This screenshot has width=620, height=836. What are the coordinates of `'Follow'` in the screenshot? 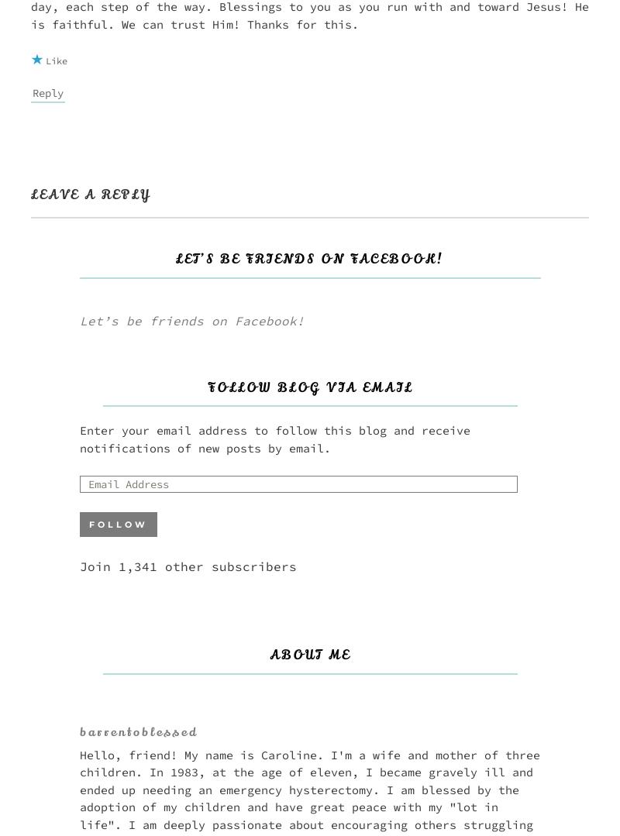 It's located at (118, 523).